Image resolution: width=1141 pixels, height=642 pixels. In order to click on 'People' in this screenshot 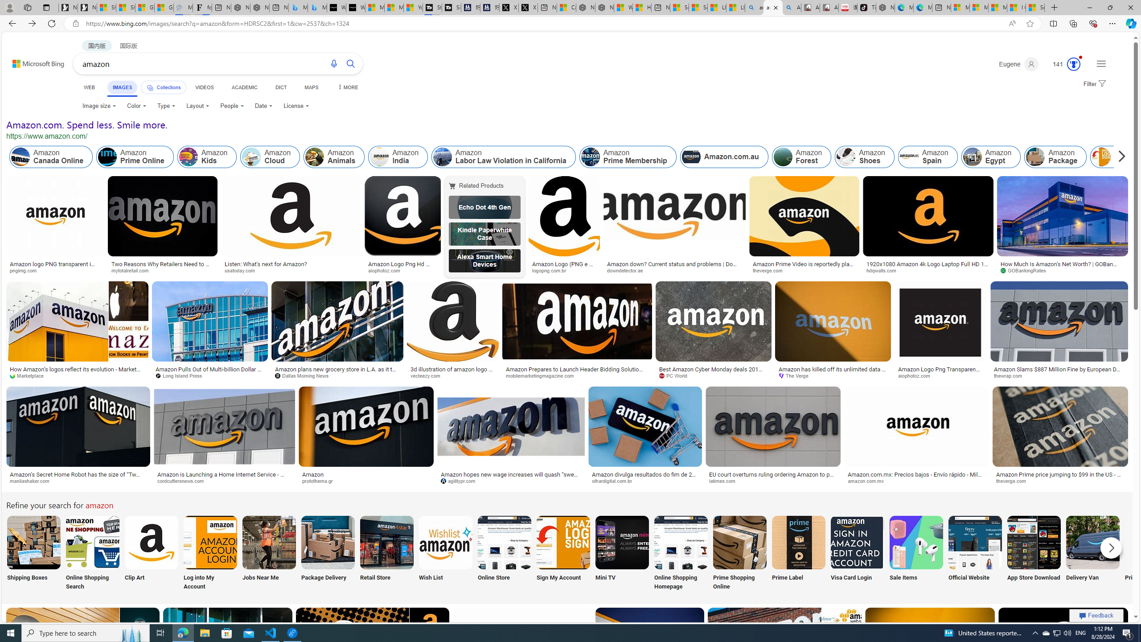, I will do `click(231, 106)`.